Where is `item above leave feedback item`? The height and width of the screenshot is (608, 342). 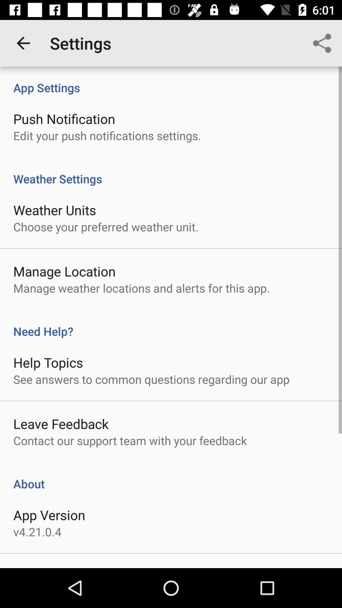
item above leave feedback item is located at coordinates (151, 379).